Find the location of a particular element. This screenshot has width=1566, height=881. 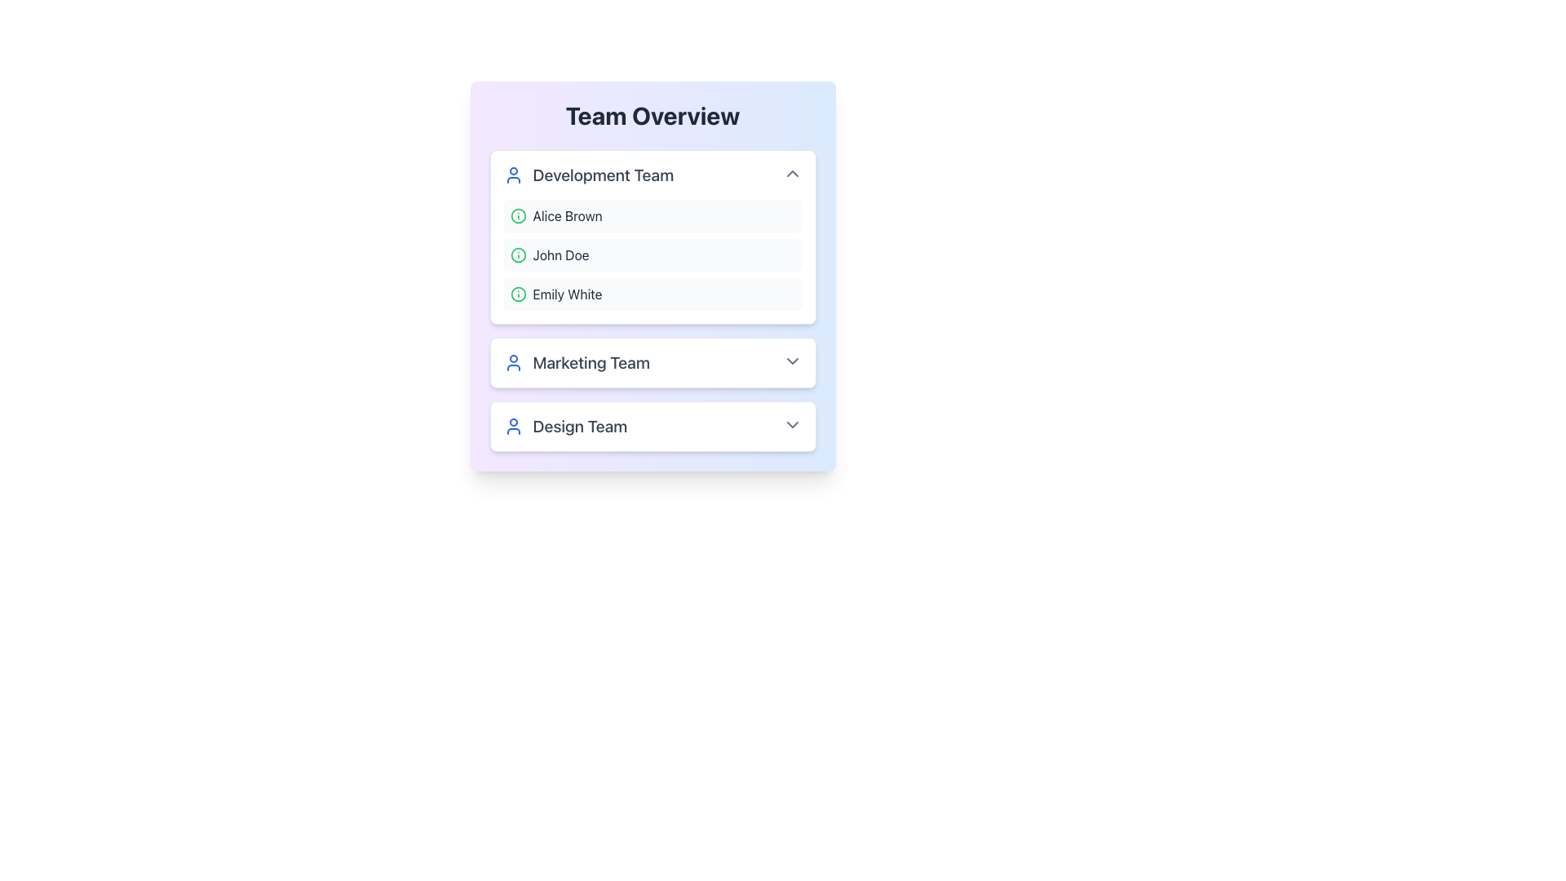

the Marketing Team card is located at coordinates (652, 361).